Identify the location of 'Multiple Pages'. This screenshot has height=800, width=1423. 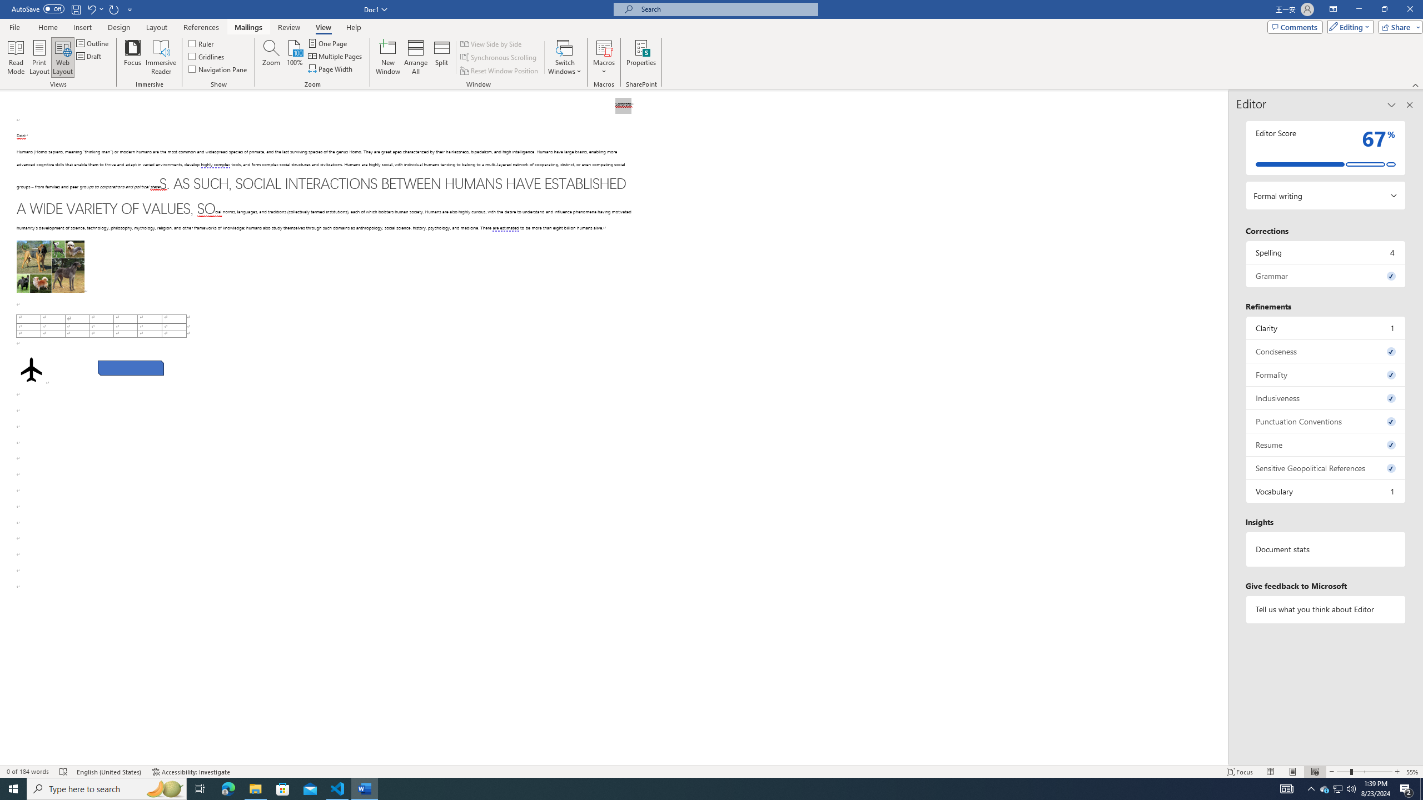
(335, 55).